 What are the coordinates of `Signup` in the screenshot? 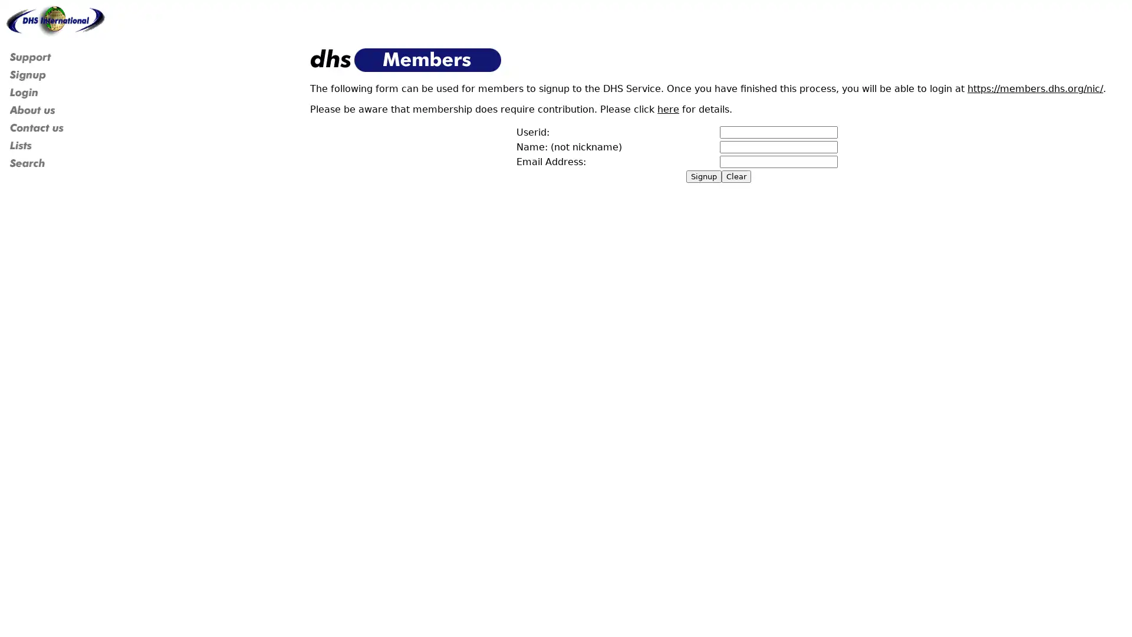 It's located at (704, 176).